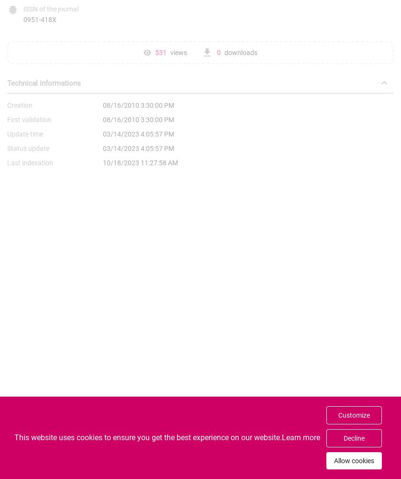 The width and height of the screenshot is (401, 479). What do you see at coordinates (232, 468) in the screenshot?
I see `'and the'` at bounding box center [232, 468].